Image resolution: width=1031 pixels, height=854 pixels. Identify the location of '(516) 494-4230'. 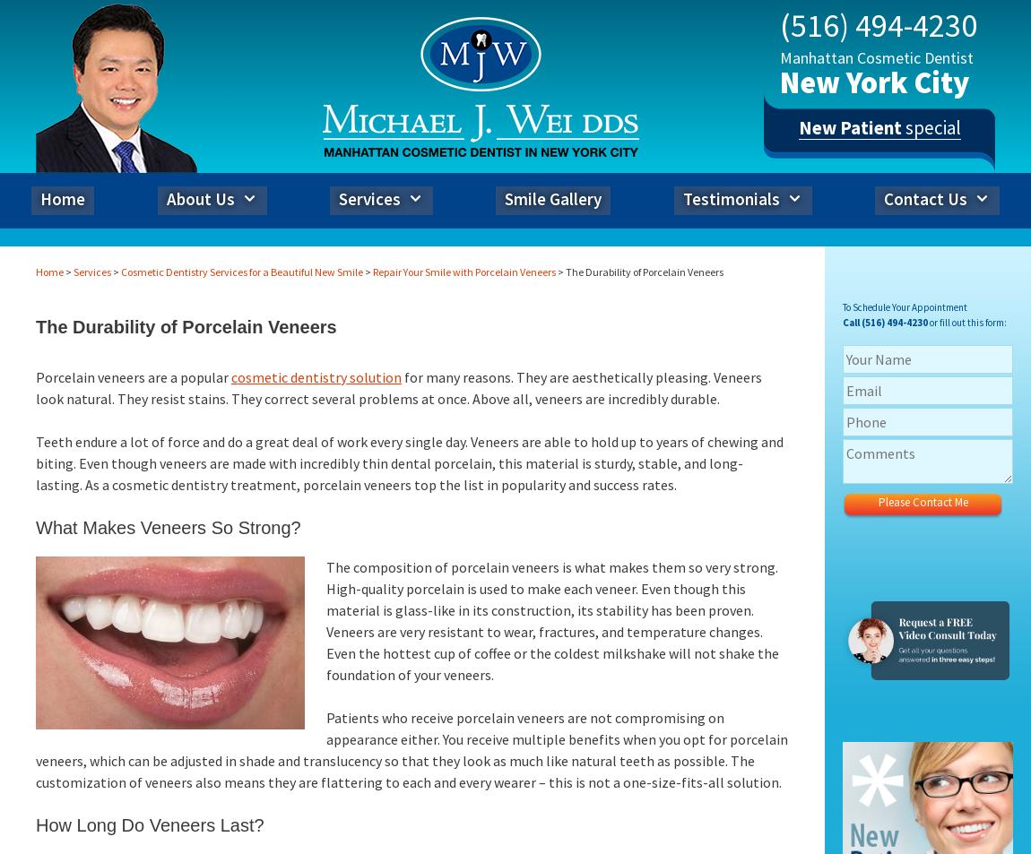
(894, 320).